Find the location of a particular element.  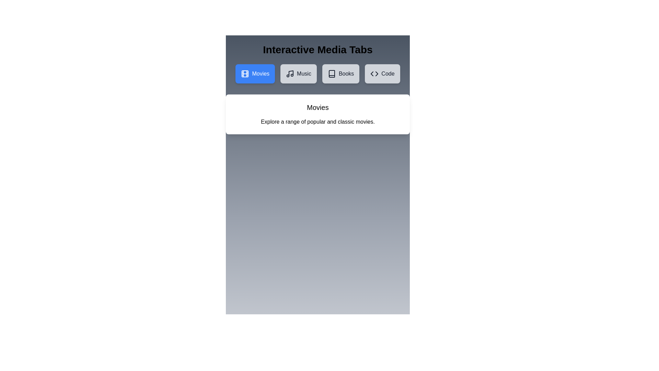

the Music tab by clicking the respective tab button is located at coordinates (298, 74).